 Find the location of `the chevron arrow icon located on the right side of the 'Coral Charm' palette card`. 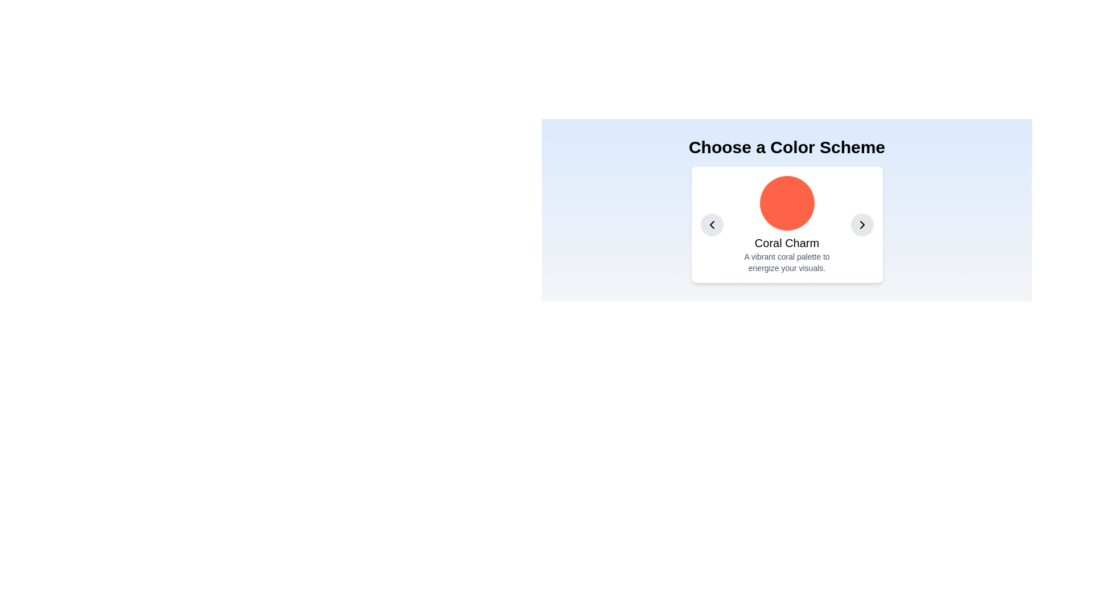

the chevron arrow icon located on the right side of the 'Coral Charm' palette card is located at coordinates (862, 224).